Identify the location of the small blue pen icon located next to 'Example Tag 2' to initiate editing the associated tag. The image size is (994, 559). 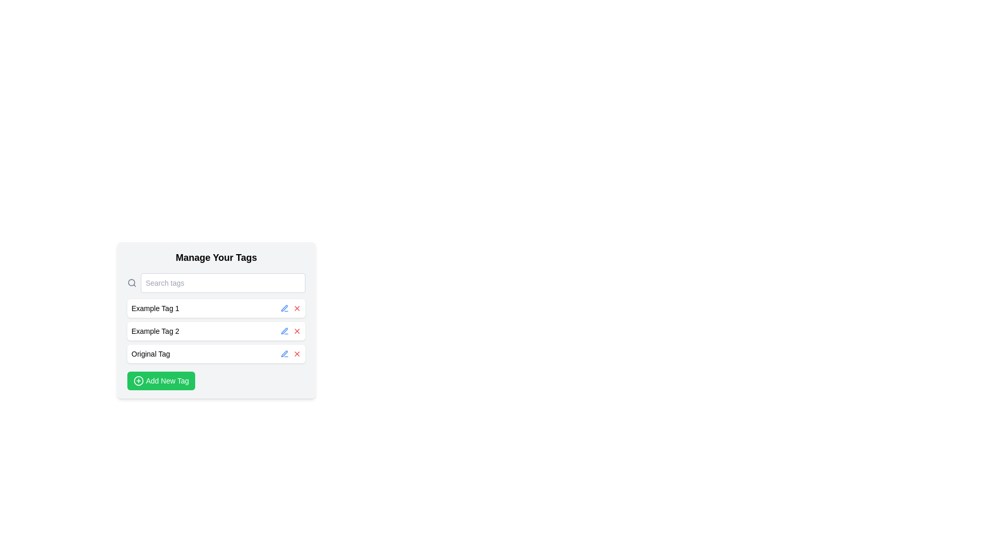
(284, 331).